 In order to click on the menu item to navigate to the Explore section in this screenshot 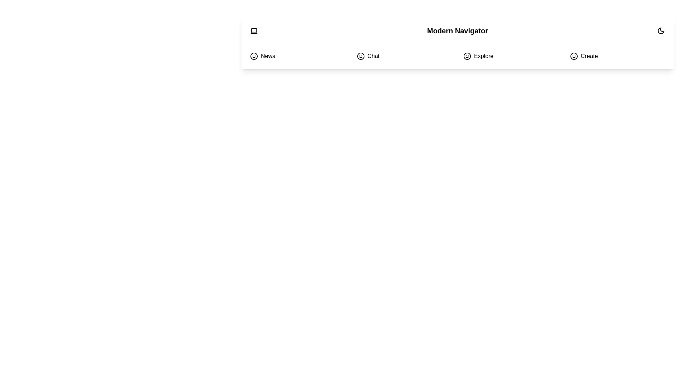, I will do `click(510, 56)`.